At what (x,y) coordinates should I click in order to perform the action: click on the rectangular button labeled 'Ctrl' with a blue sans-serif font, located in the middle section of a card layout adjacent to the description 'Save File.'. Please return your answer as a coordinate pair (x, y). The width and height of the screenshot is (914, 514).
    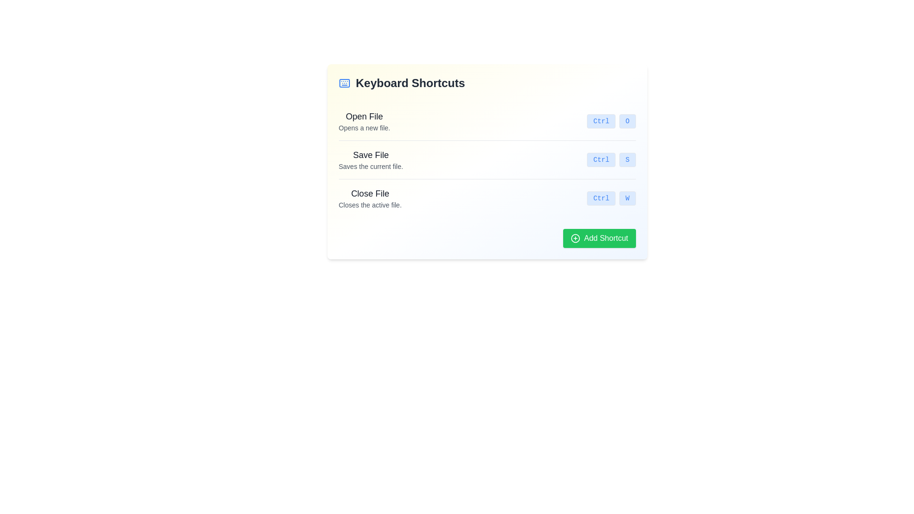
    Looking at the image, I should click on (601, 159).